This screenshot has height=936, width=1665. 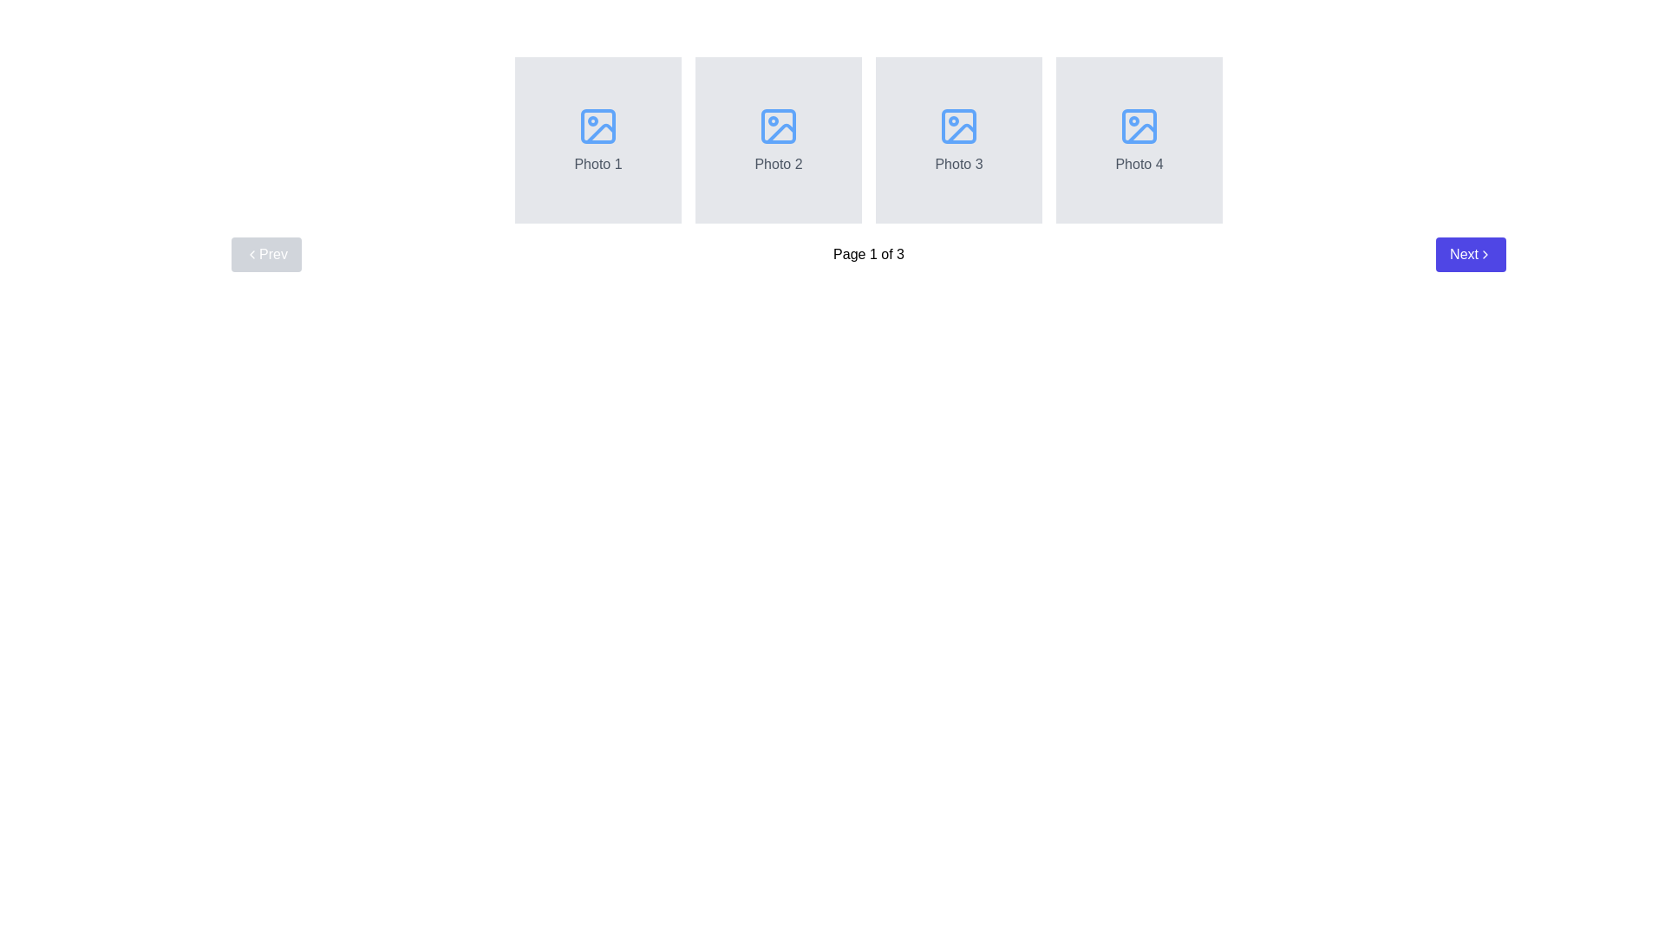 What do you see at coordinates (957, 126) in the screenshot?
I see `the 'Photo 3' icon, which is the third icon in a horizontally aligned list of four icons` at bounding box center [957, 126].